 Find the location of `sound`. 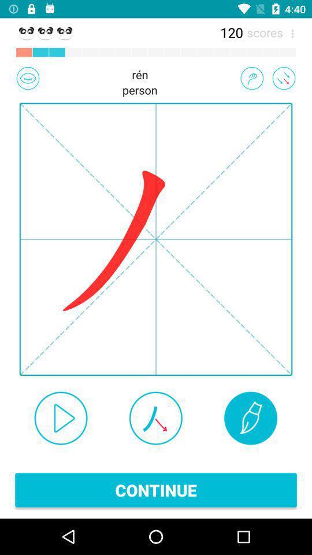

sound is located at coordinates (61, 417).